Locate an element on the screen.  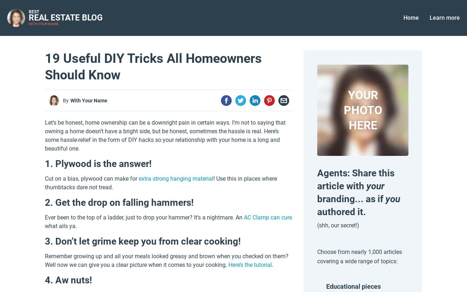
'4. Aw nuts!' is located at coordinates (68, 280).